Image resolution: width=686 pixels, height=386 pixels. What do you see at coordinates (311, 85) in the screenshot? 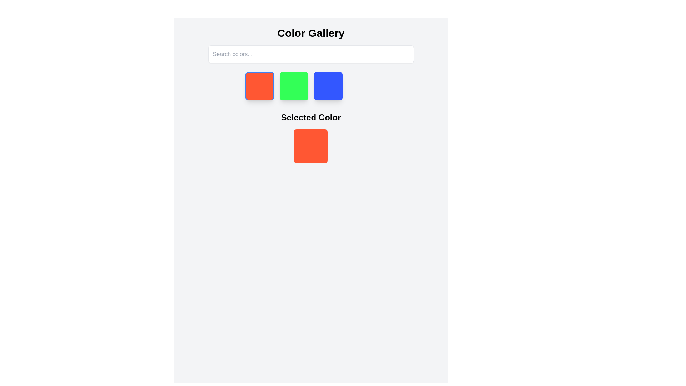
I see `one of the colored tiles from the color selection grid located below 'Color Gallery'` at bounding box center [311, 85].